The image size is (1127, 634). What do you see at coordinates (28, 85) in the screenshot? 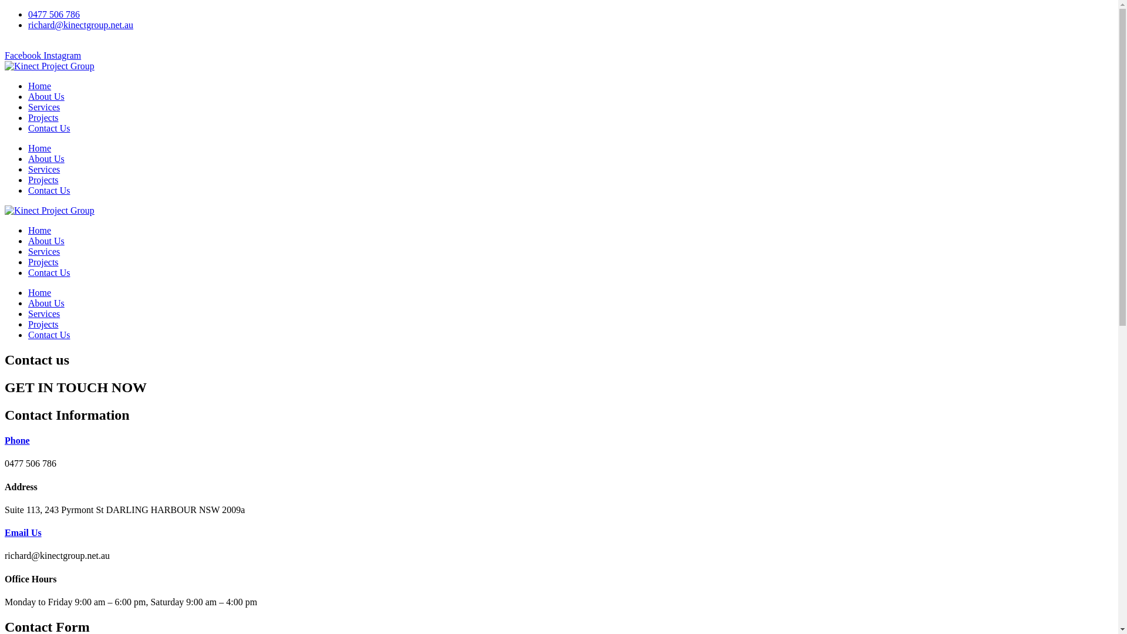
I see `'Home'` at bounding box center [28, 85].